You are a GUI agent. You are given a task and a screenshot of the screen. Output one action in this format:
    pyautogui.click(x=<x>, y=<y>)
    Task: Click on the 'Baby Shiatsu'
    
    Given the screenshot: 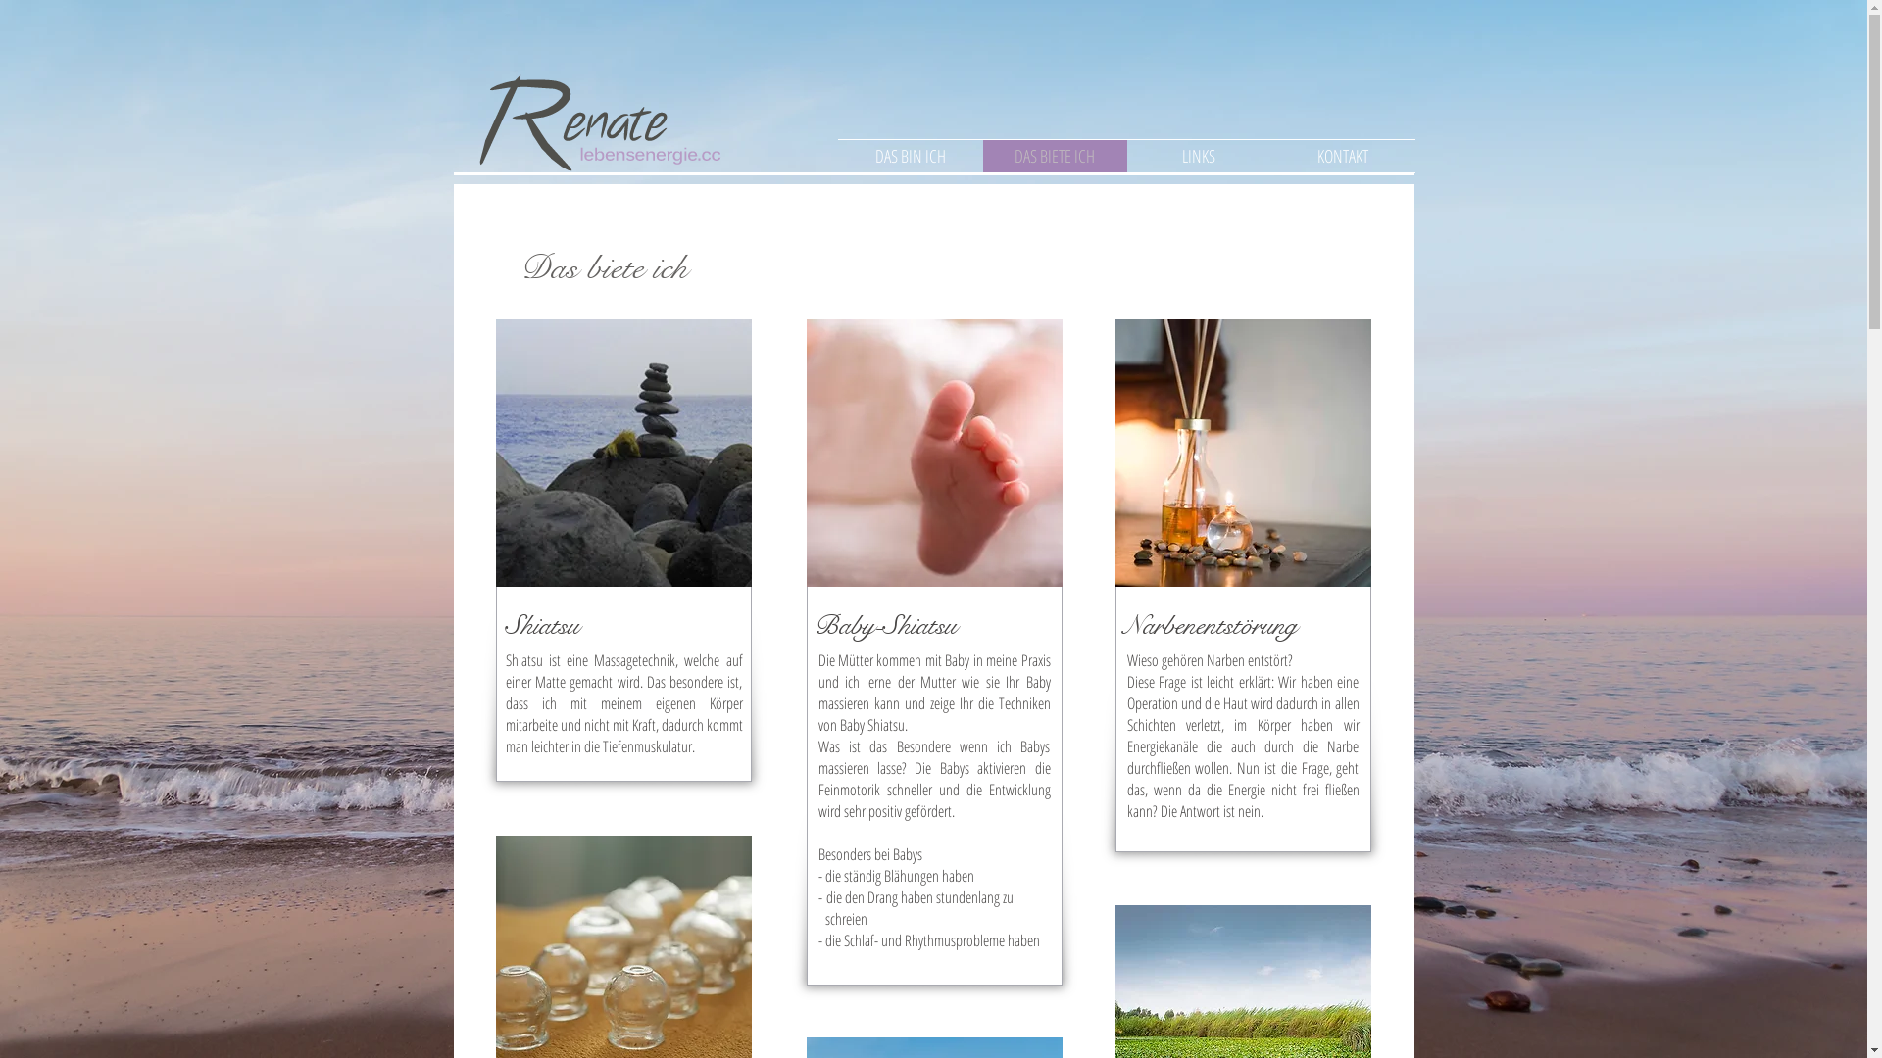 What is the action you would take?
    pyautogui.click(x=932, y=453)
    